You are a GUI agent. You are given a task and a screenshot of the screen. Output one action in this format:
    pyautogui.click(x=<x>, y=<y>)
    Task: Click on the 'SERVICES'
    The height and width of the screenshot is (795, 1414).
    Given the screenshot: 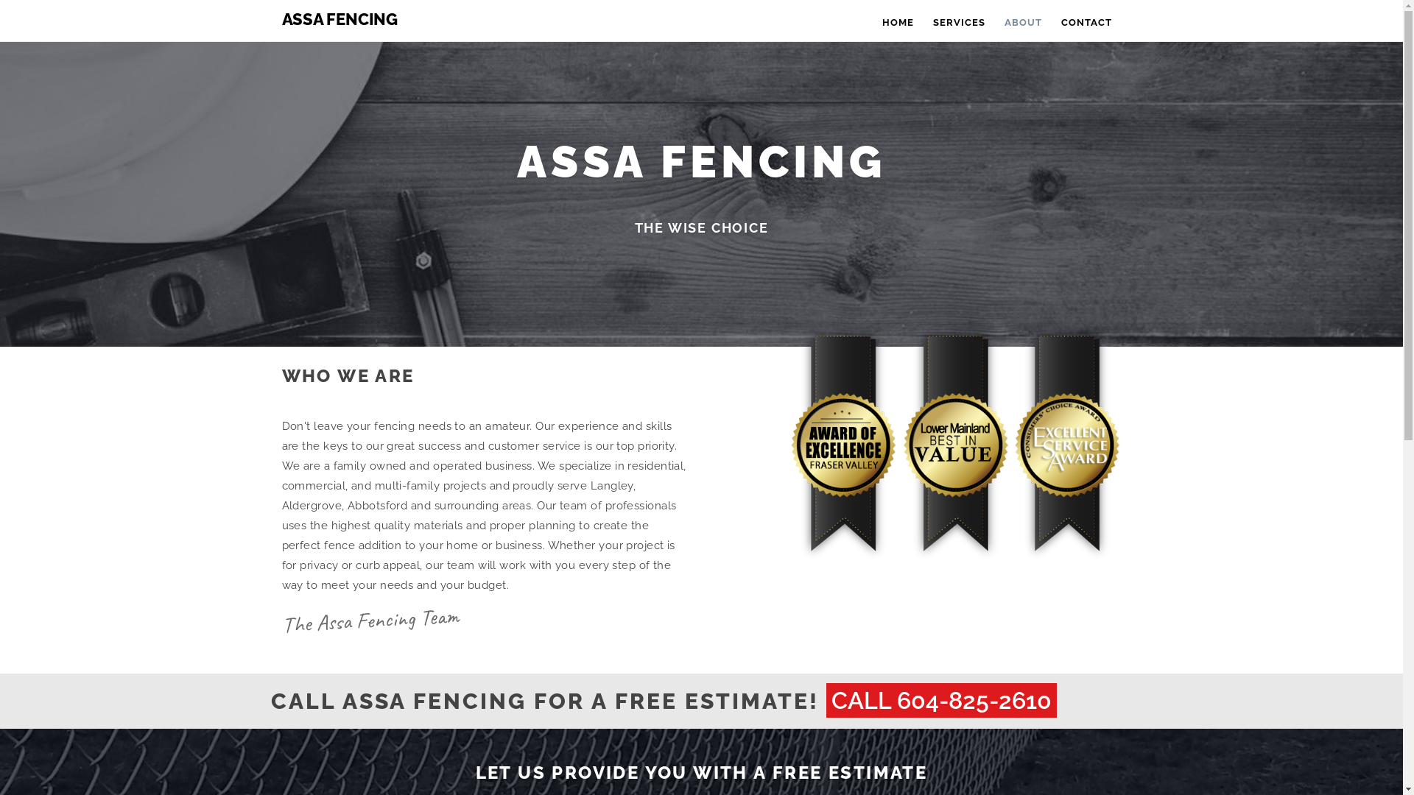 What is the action you would take?
    pyautogui.click(x=922, y=20)
    